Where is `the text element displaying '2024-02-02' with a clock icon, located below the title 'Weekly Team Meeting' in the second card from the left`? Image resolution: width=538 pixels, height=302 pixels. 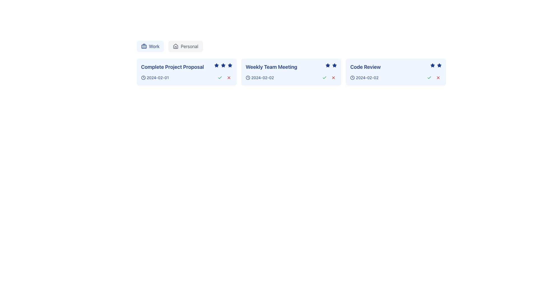
the text element displaying '2024-02-02' with a clock icon, located below the title 'Weekly Team Meeting' in the second card from the left is located at coordinates (259, 77).